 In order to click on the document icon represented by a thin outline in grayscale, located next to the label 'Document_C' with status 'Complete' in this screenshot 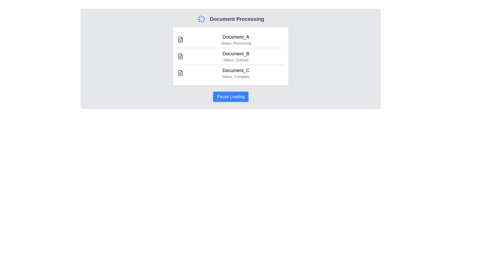, I will do `click(180, 73)`.